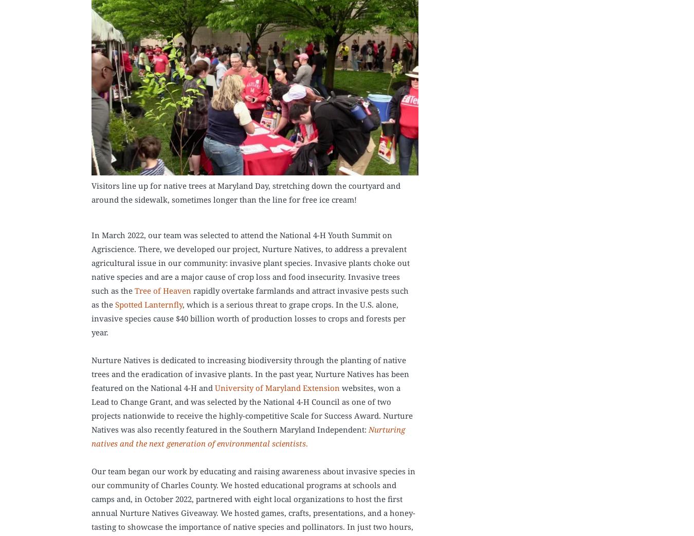 Image resolution: width=694 pixels, height=536 pixels. What do you see at coordinates (248, 318) in the screenshot?
I see `', which is a serious threat to grape crops. In the U.S. alone, invasive species cause $40 billion worth of production losses to crops and forests per year.'` at bounding box center [248, 318].